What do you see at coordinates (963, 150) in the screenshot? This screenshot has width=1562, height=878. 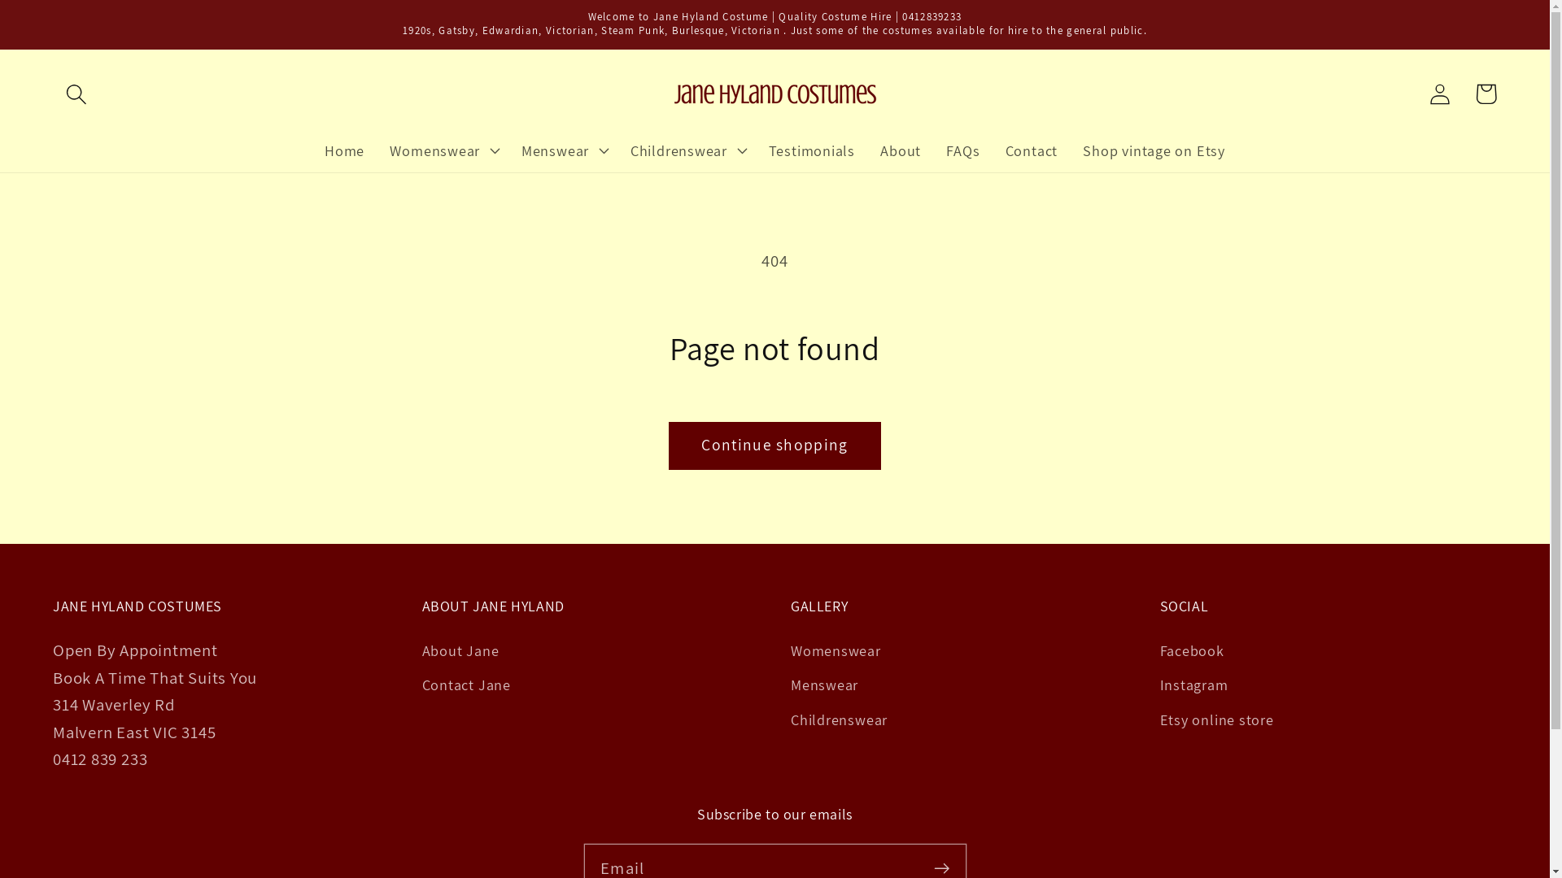 I see `'FAQs'` at bounding box center [963, 150].